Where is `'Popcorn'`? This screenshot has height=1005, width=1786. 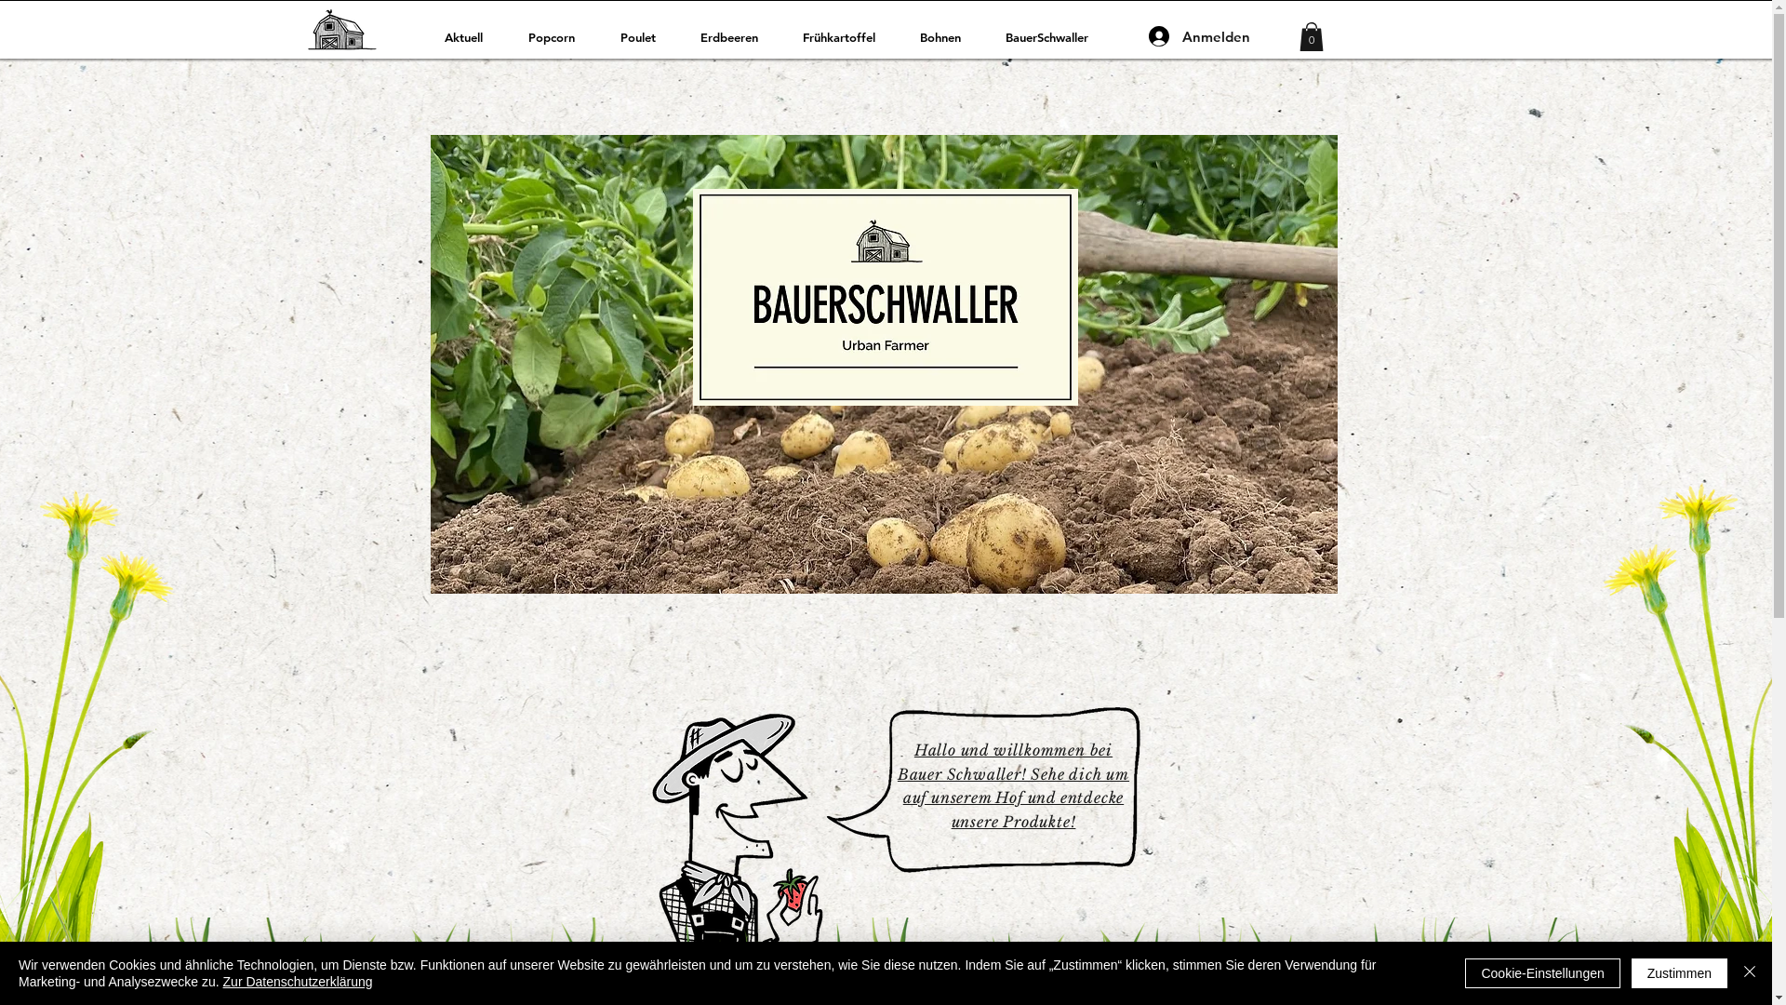 'Popcorn' is located at coordinates (558, 36).